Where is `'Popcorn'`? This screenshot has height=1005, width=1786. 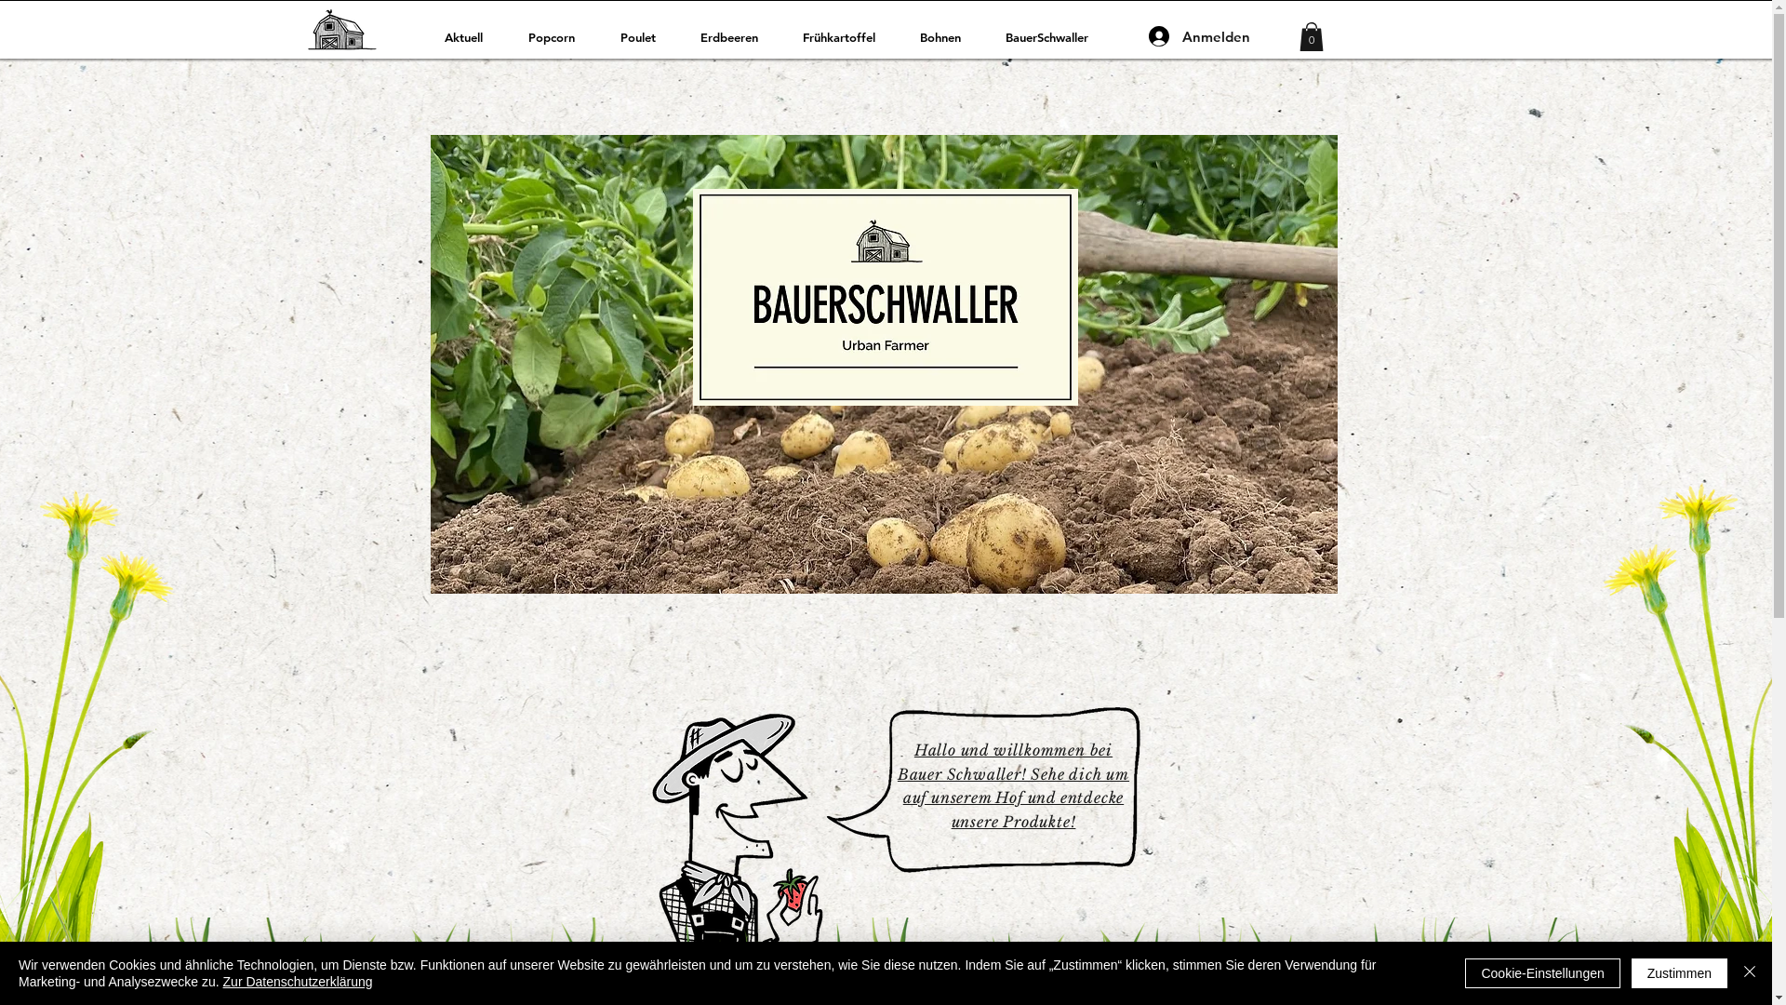 'Popcorn' is located at coordinates (558, 36).